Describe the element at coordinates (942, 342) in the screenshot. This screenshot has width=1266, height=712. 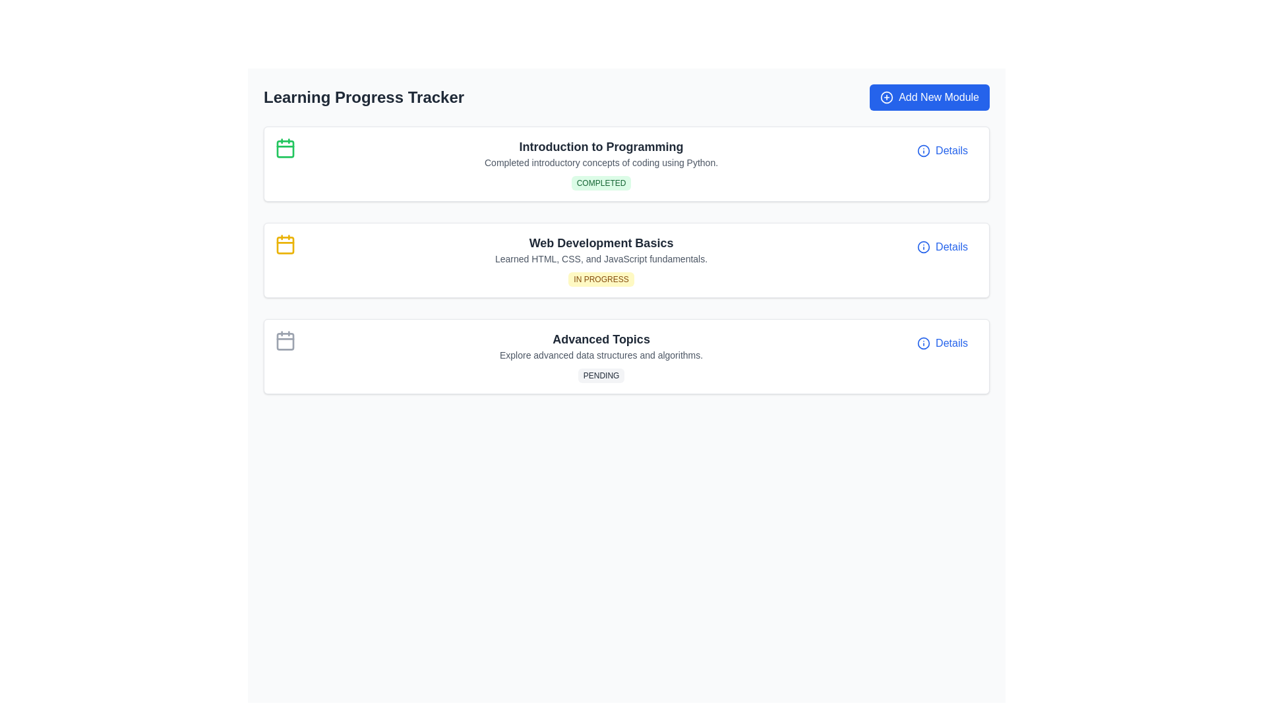
I see `the button located at the bottom-right corner of the 'Advanced Topics' module panel, adjacent to the 'PENDING' label` at that location.